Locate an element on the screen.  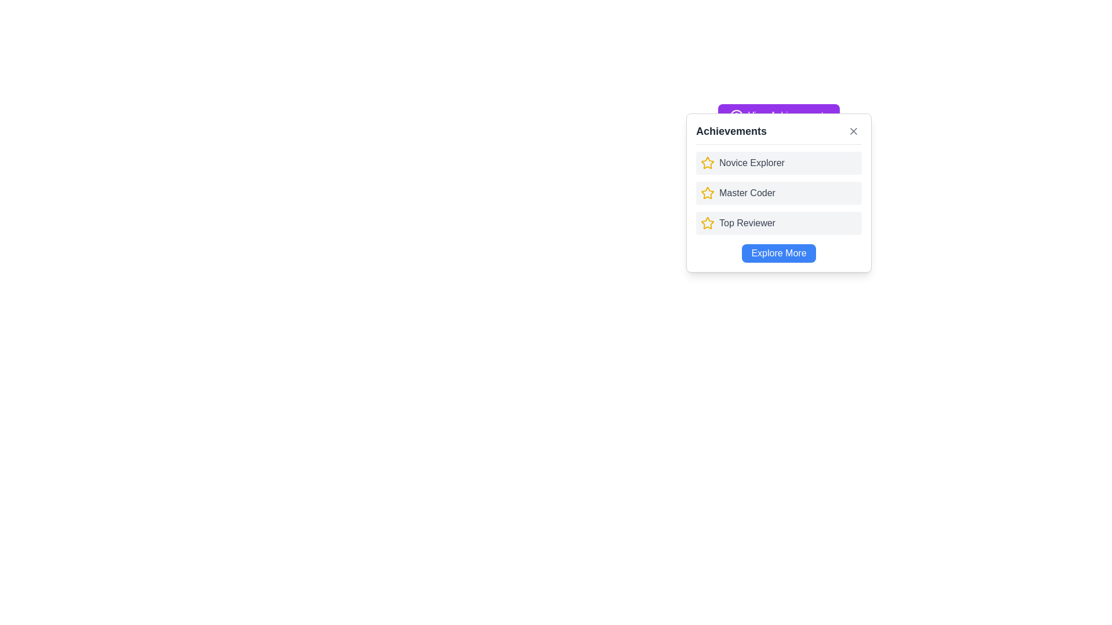
the 'Master Coder' achievement icon, which is the second star icon in the achievements list within the modal dialogue box is located at coordinates (707, 192).